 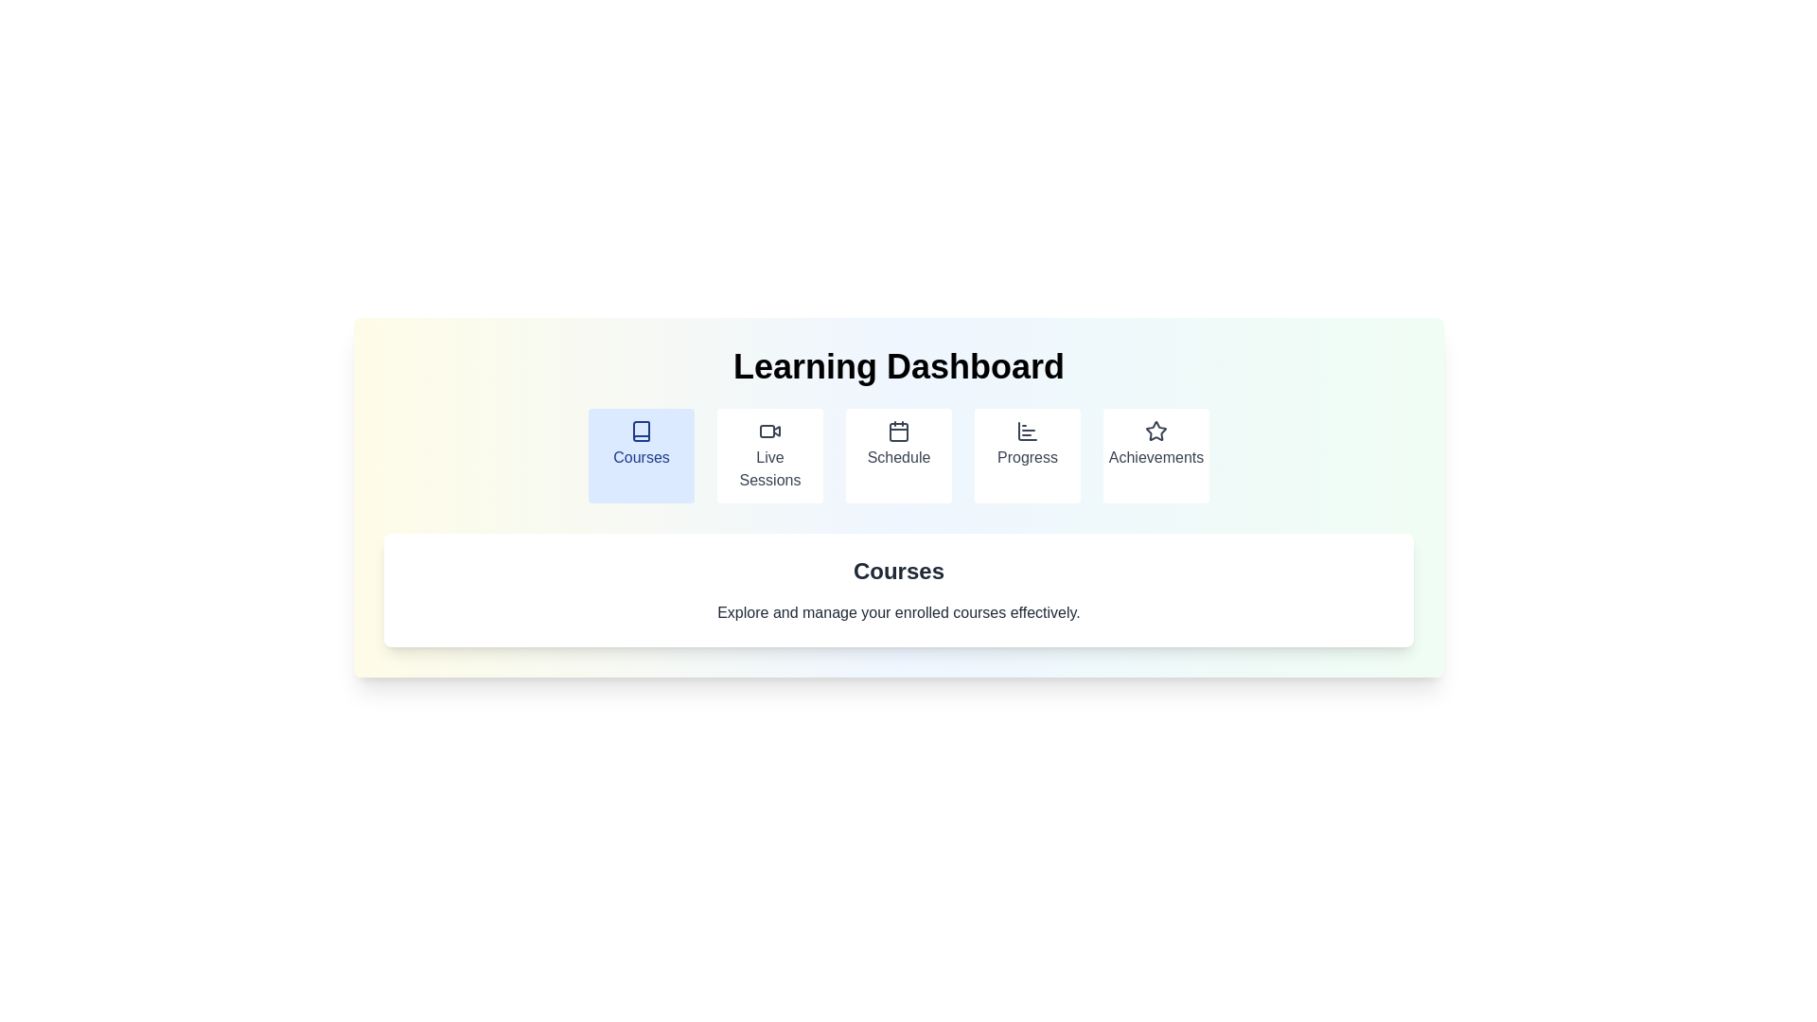 I want to click on text content of the 'Achievements' label located below the star icon in the fifth icon-label component of the navigation group, so click(x=1155, y=457).